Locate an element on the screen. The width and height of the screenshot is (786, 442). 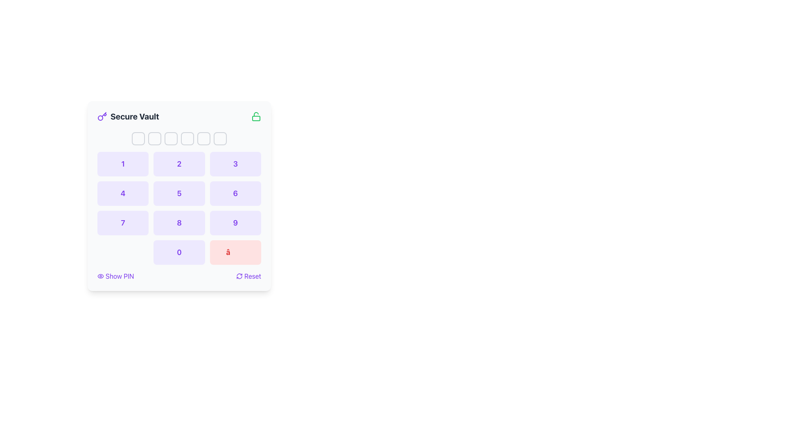
the rectangular button displaying '6', which is purple on a light violet background is located at coordinates (235, 194).